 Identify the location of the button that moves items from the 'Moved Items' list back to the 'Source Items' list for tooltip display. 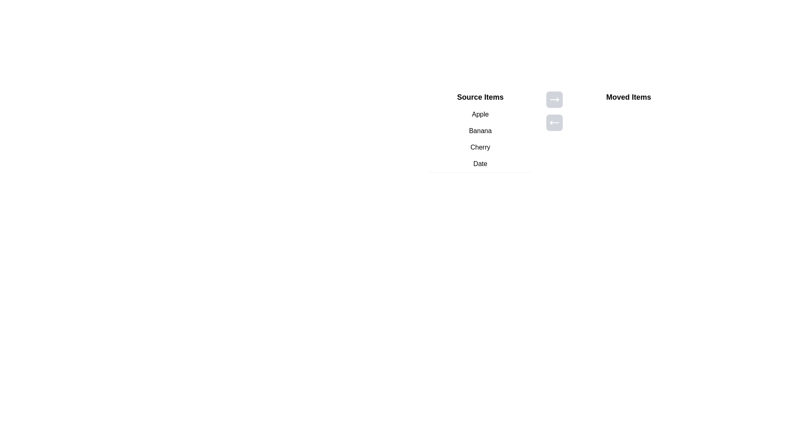
(554, 131).